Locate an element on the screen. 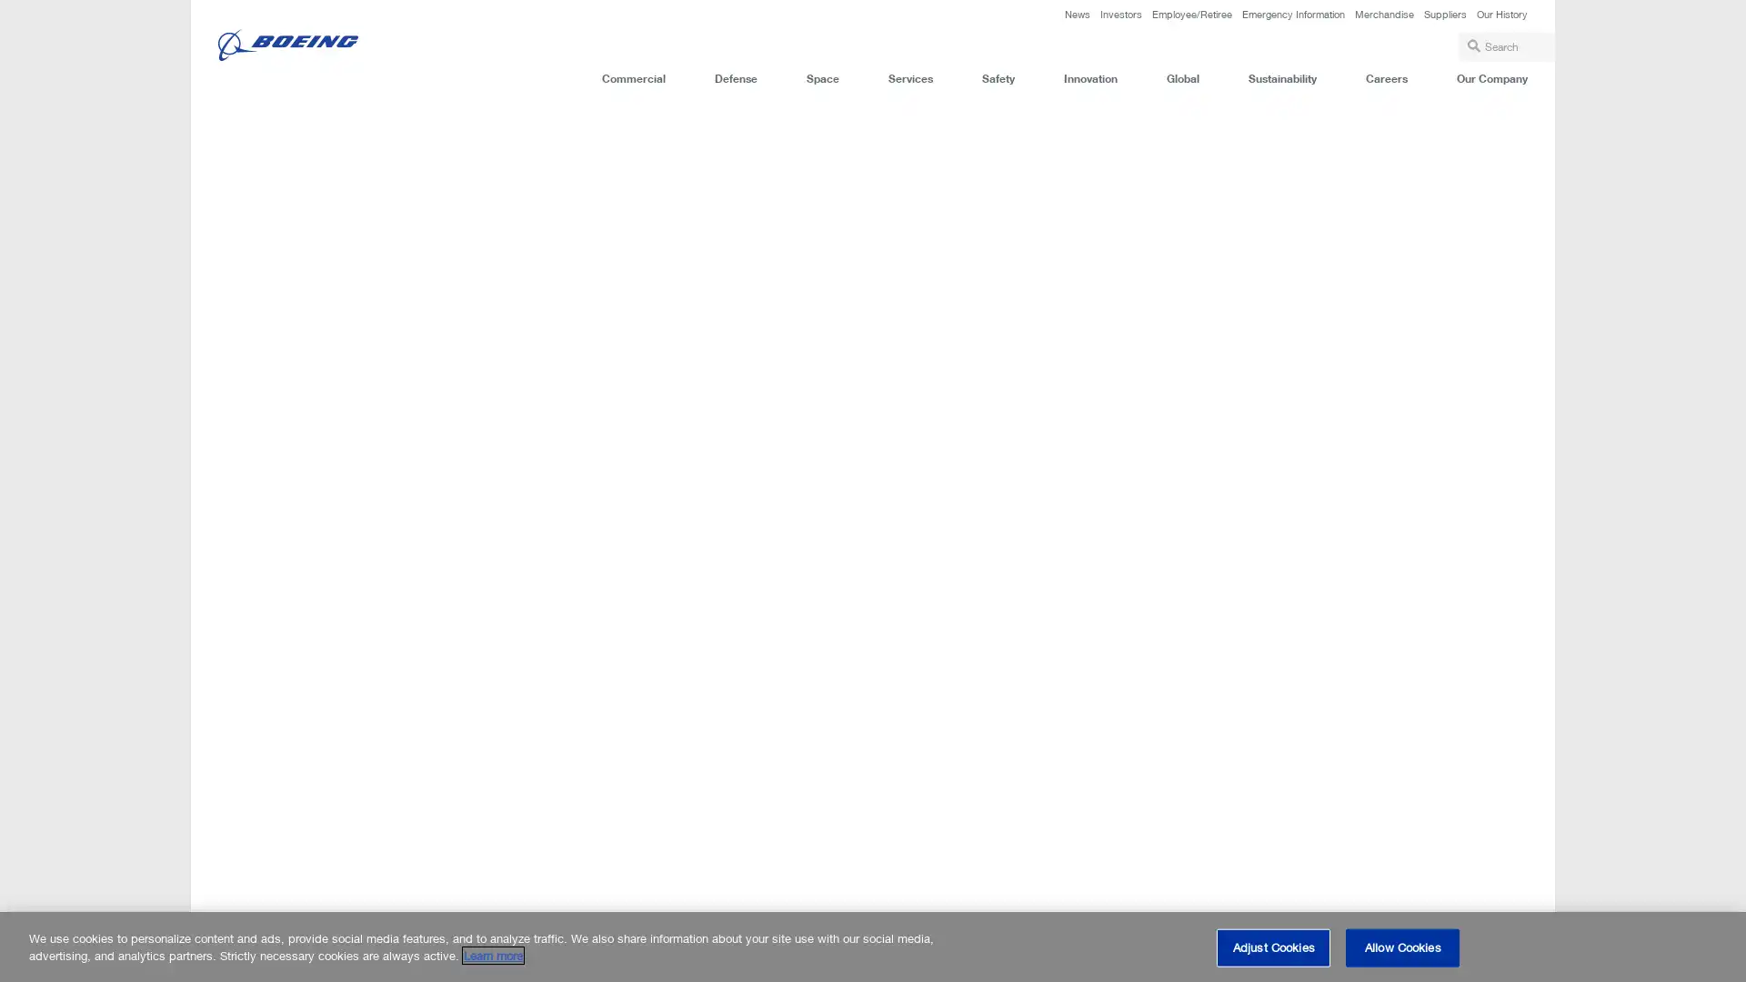 This screenshot has height=982, width=1746. Adjust Cookies is located at coordinates (1272, 942).